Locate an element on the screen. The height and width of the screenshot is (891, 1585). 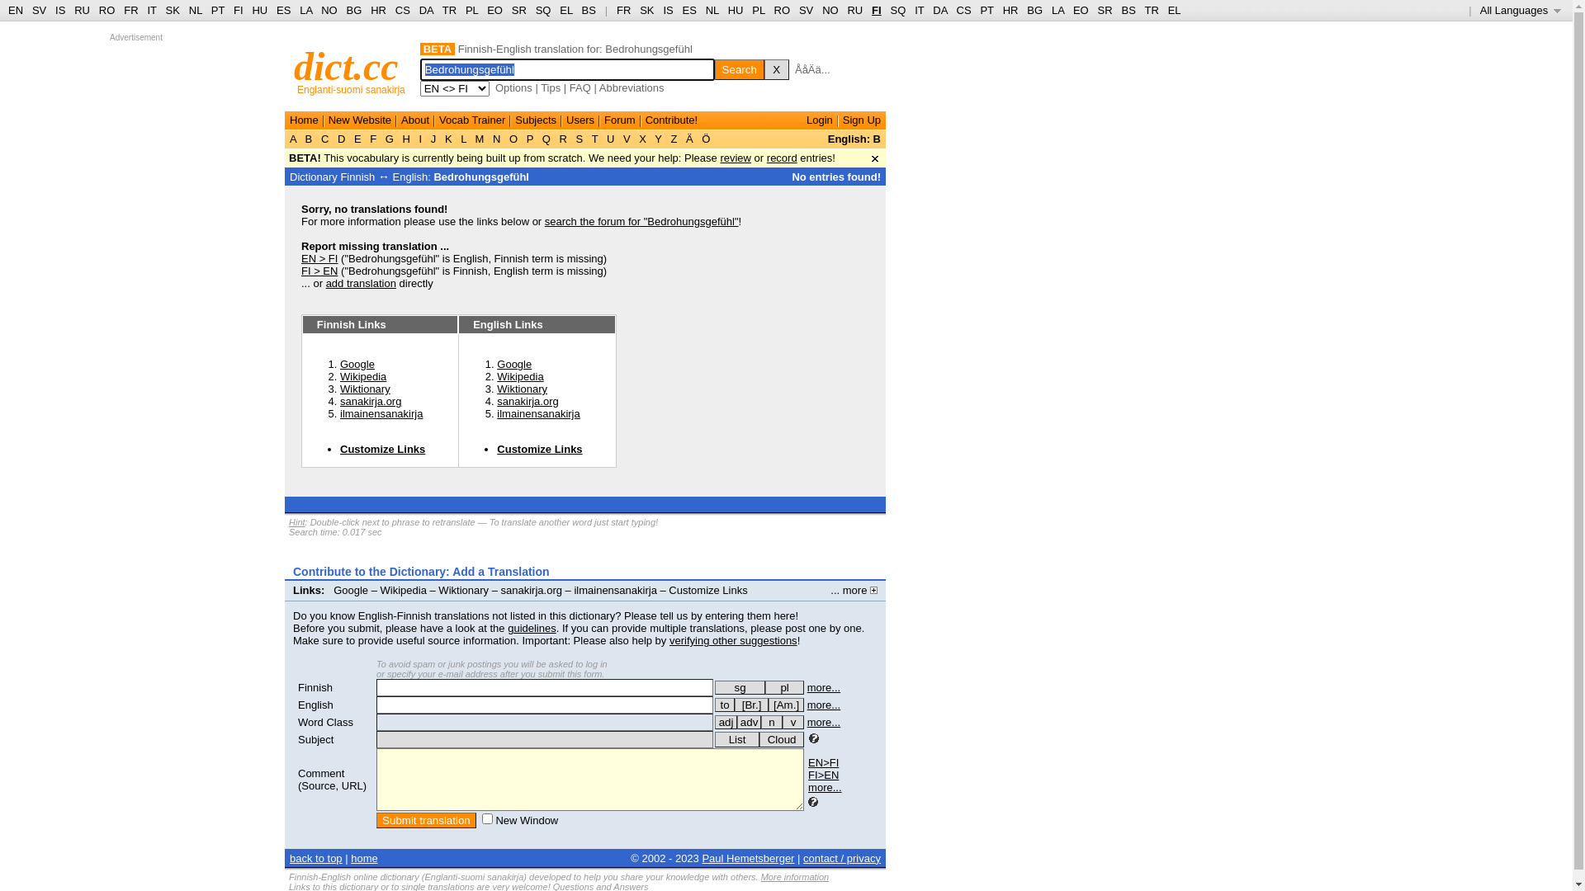
'more...' is located at coordinates (808, 786).